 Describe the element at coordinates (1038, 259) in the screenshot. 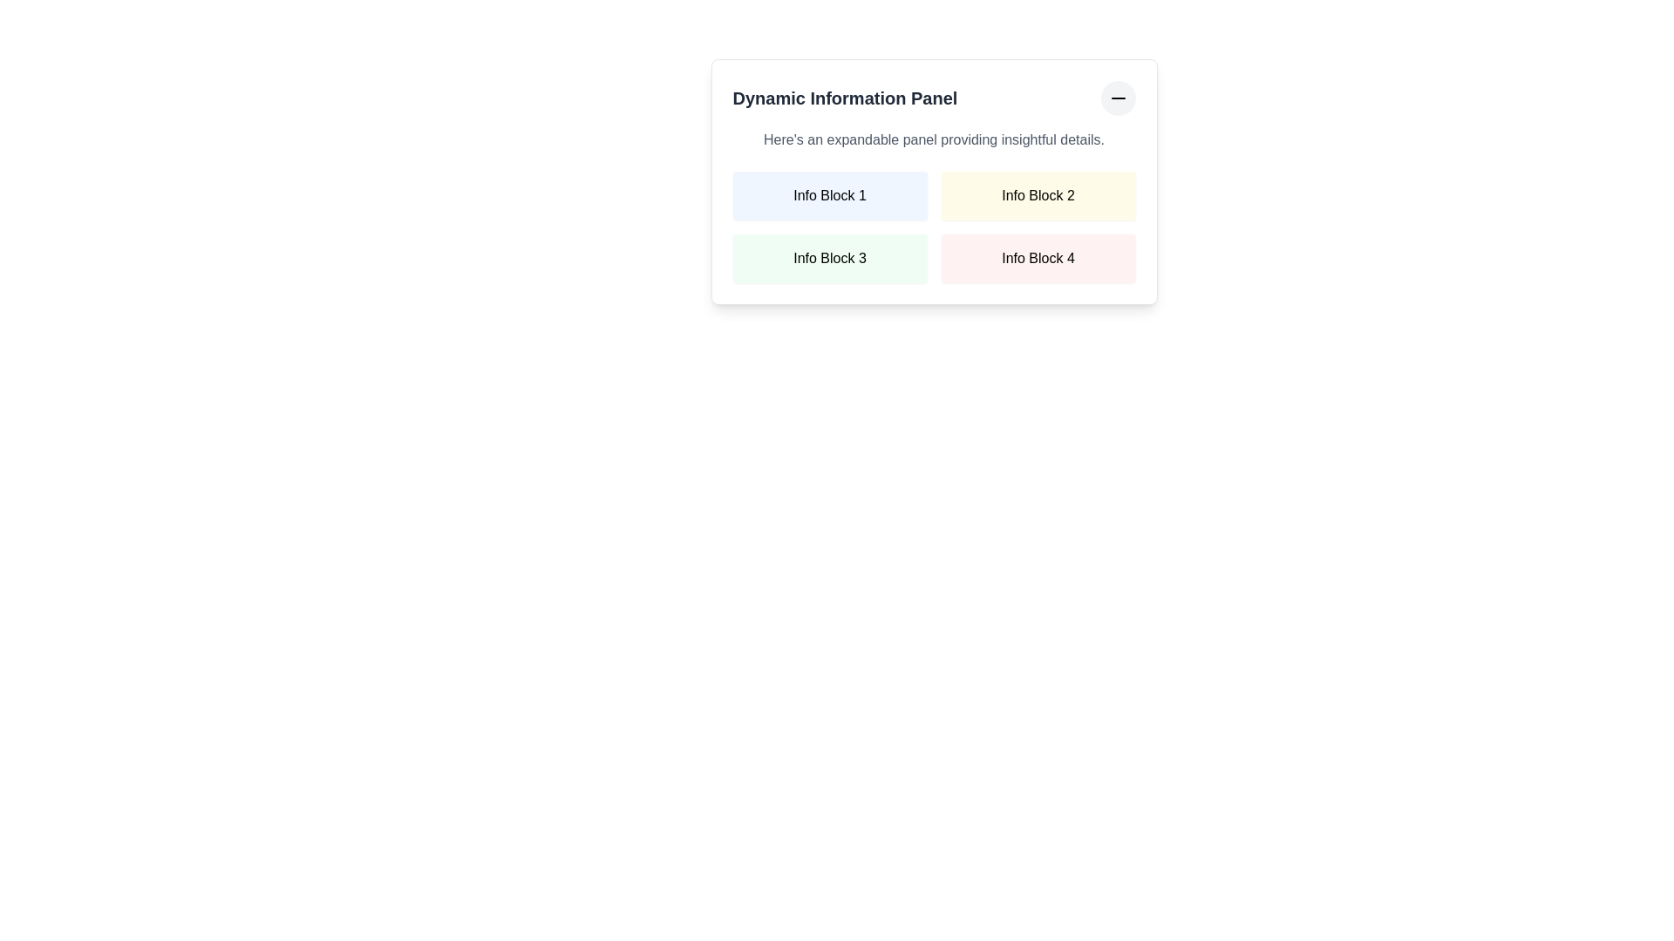

I see `displayed text in the Informational Block with a light red background, rounded corners, and bold text 'Info Block 4' centered within it` at that location.